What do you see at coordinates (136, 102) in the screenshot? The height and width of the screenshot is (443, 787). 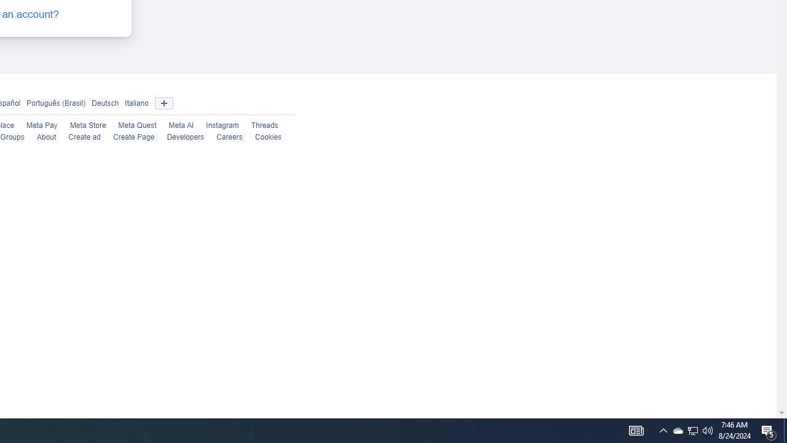 I see `'Italiano'` at bounding box center [136, 102].